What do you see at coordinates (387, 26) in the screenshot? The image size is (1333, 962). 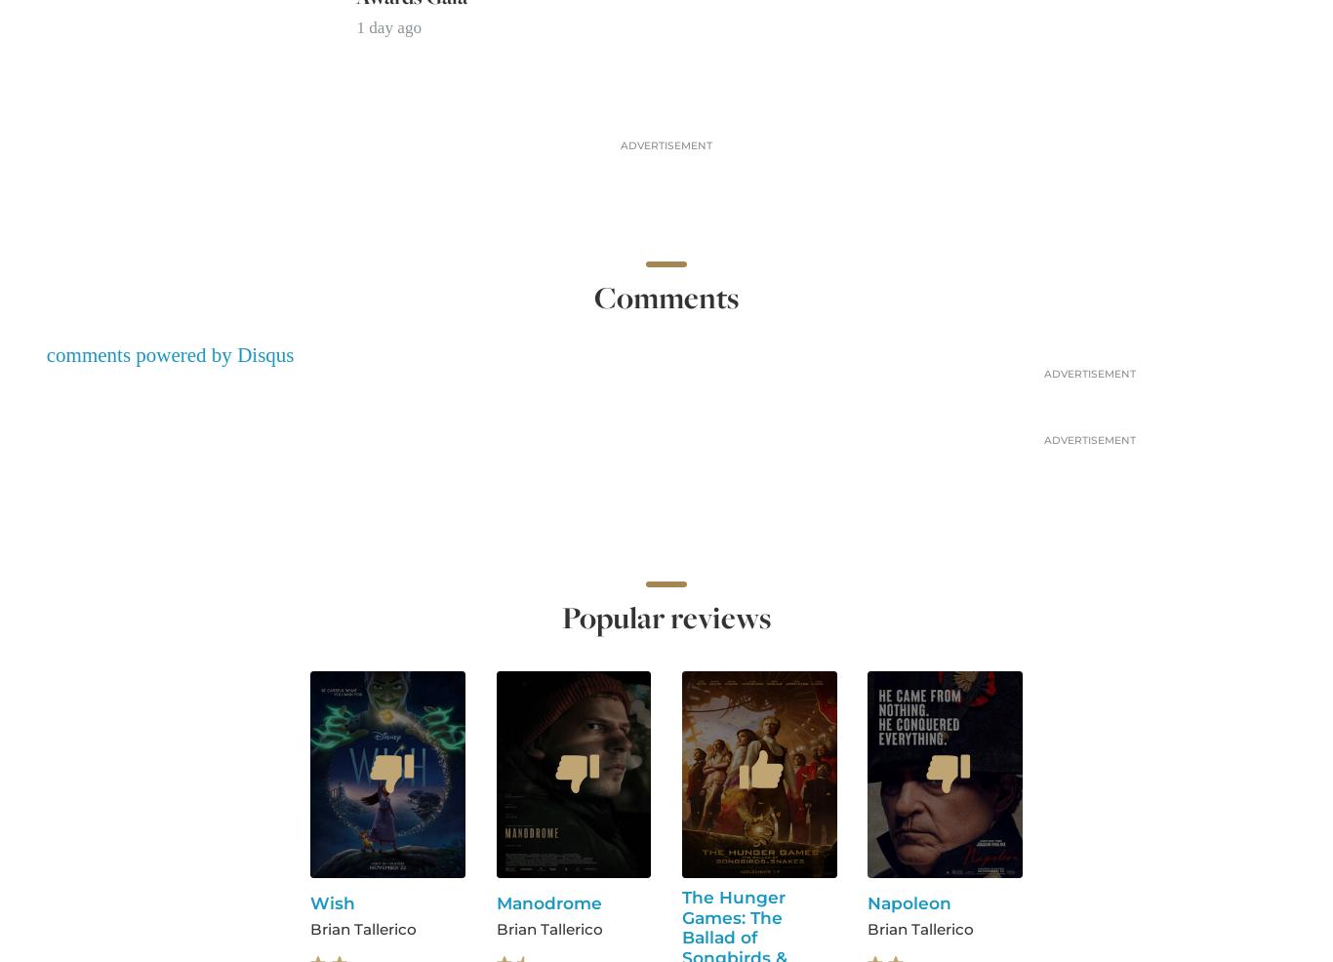 I see `'1 day
ago'` at bounding box center [387, 26].